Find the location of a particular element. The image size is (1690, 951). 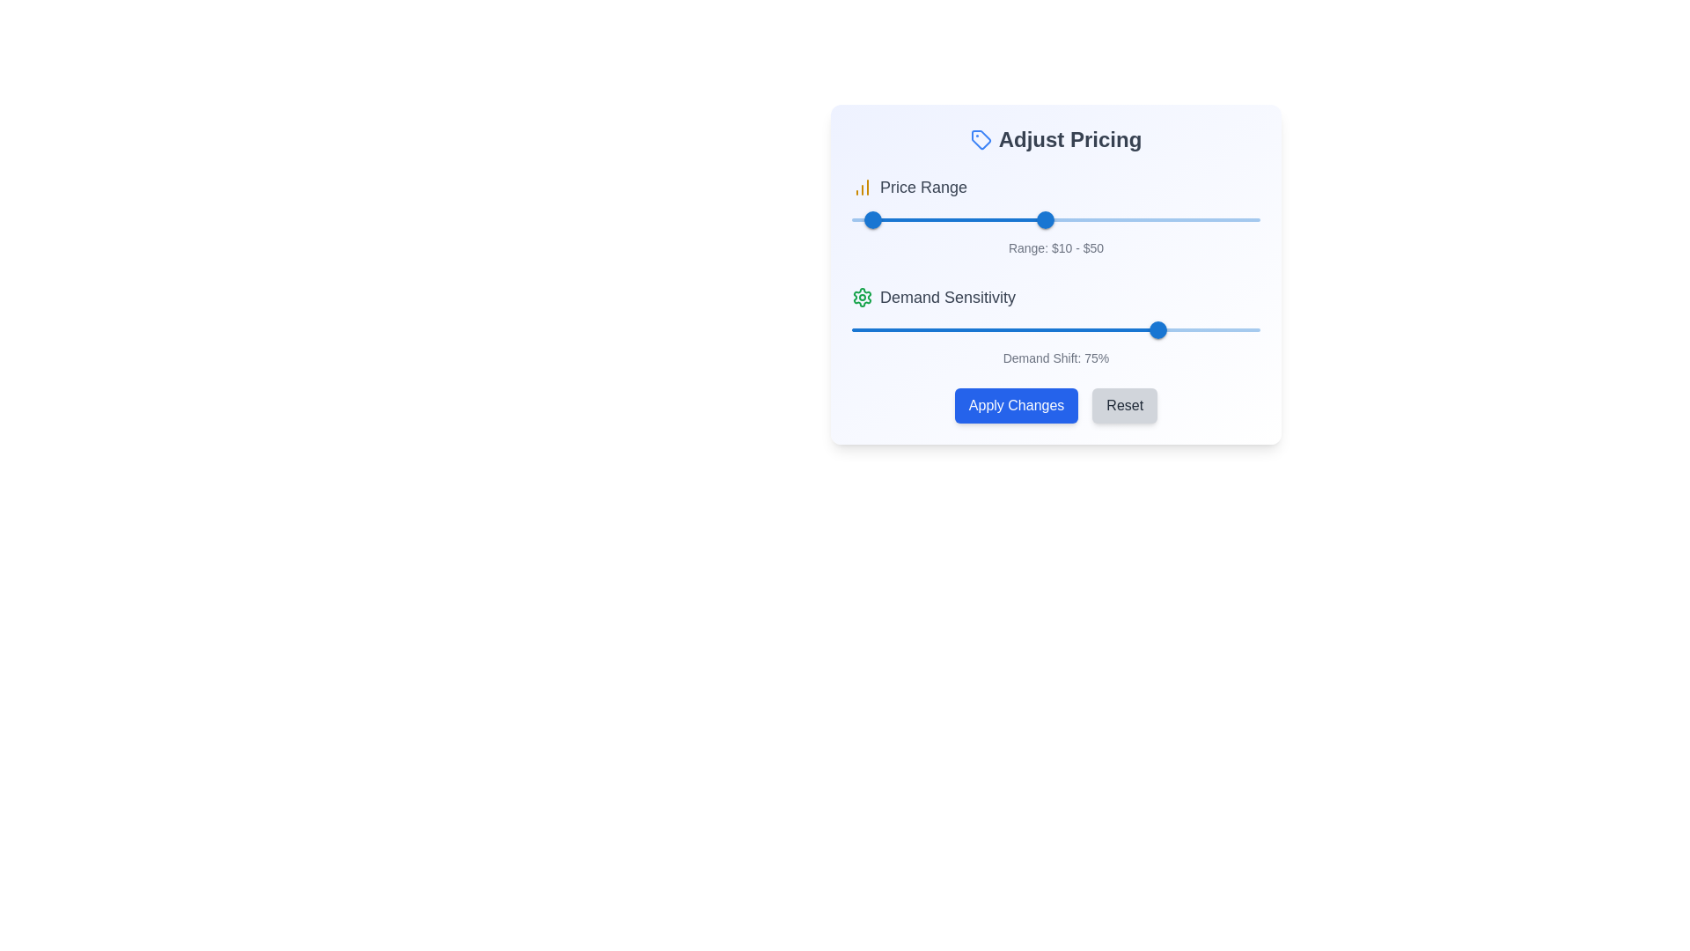

the Slider track element within the 'Price Range' section of the 'Adjust Pricing' card interface, which visually indicates the selected range between the two slider thumbs labeled '10' and '50' is located at coordinates (959, 219).